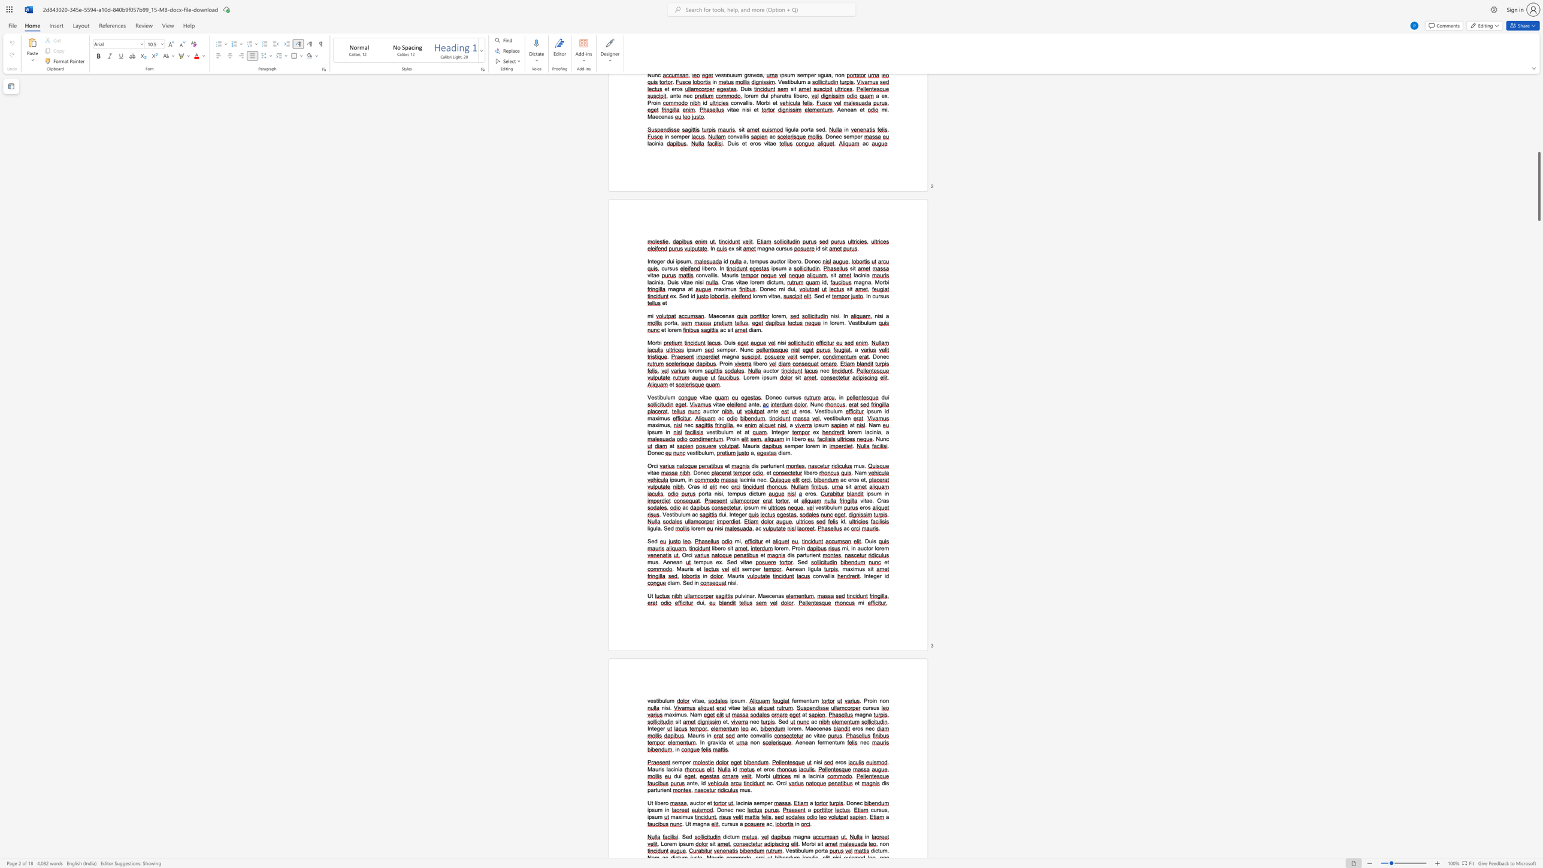  I want to click on the space between the continuous character "l" and "i" in the text, so click(649, 528).